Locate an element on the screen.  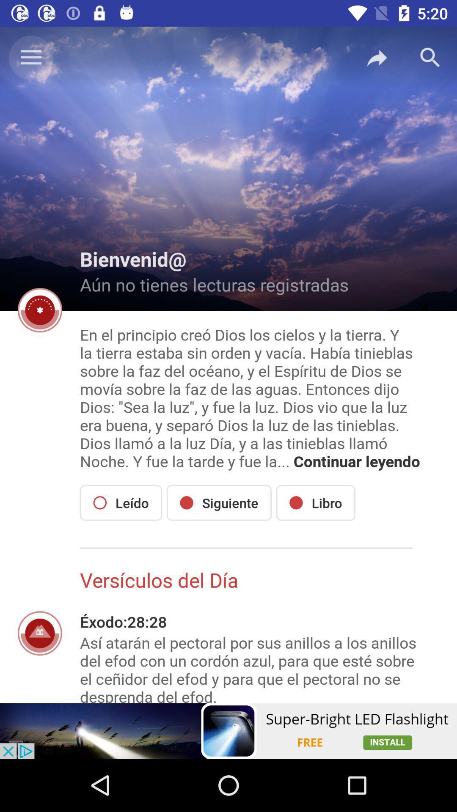
icon next to the libro is located at coordinates (218, 503).